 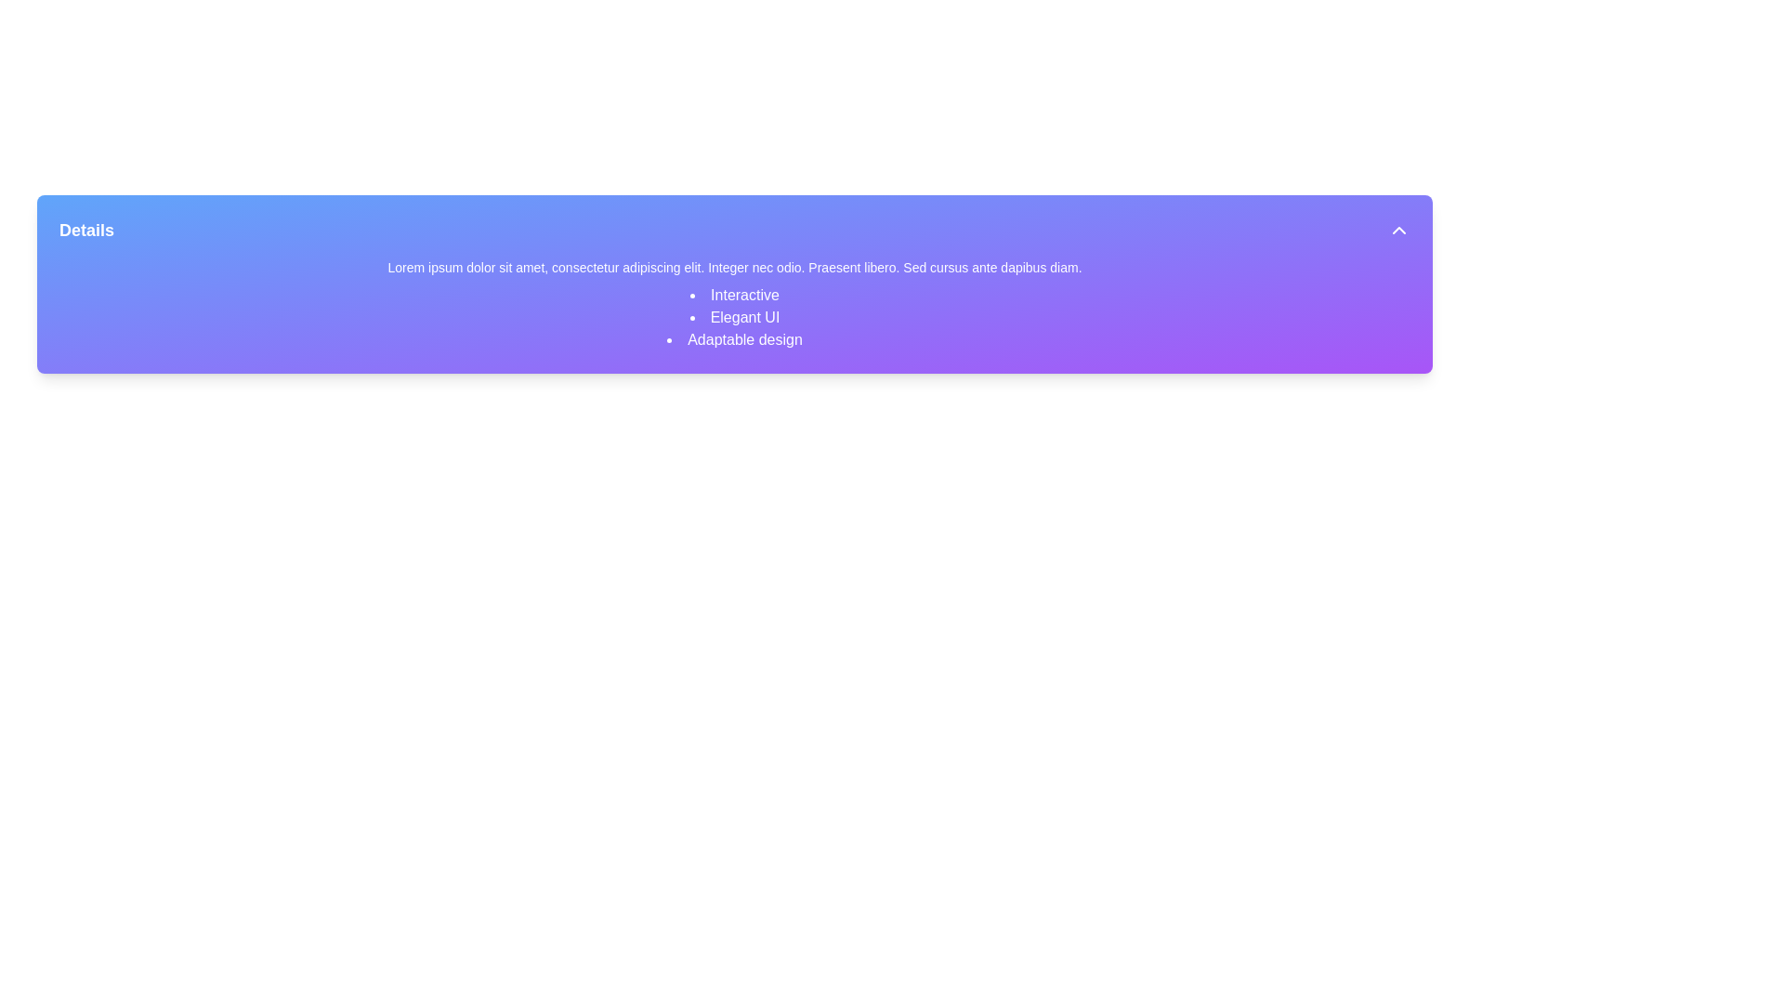 What do you see at coordinates (734, 340) in the screenshot?
I see `the text element reading 'Adaptable design', styled as a bullet point in a list, which is the third item in the bulleted list` at bounding box center [734, 340].